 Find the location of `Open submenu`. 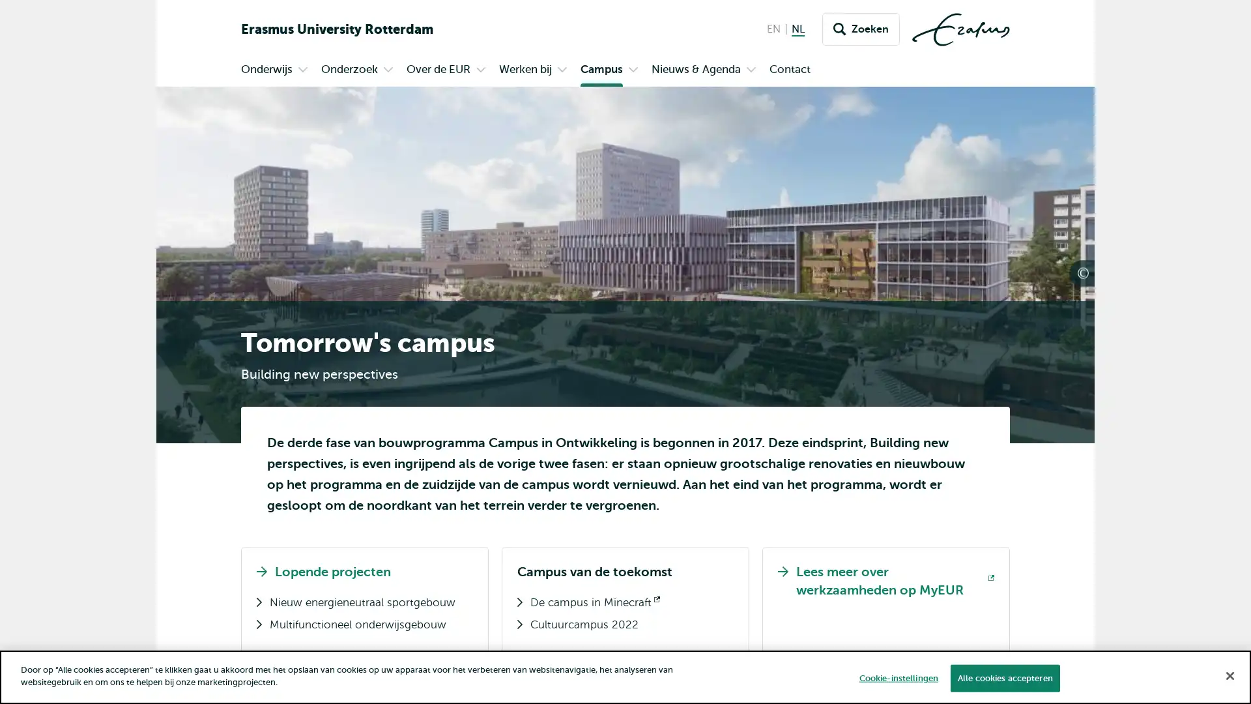

Open submenu is located at coordinates (562, 70).